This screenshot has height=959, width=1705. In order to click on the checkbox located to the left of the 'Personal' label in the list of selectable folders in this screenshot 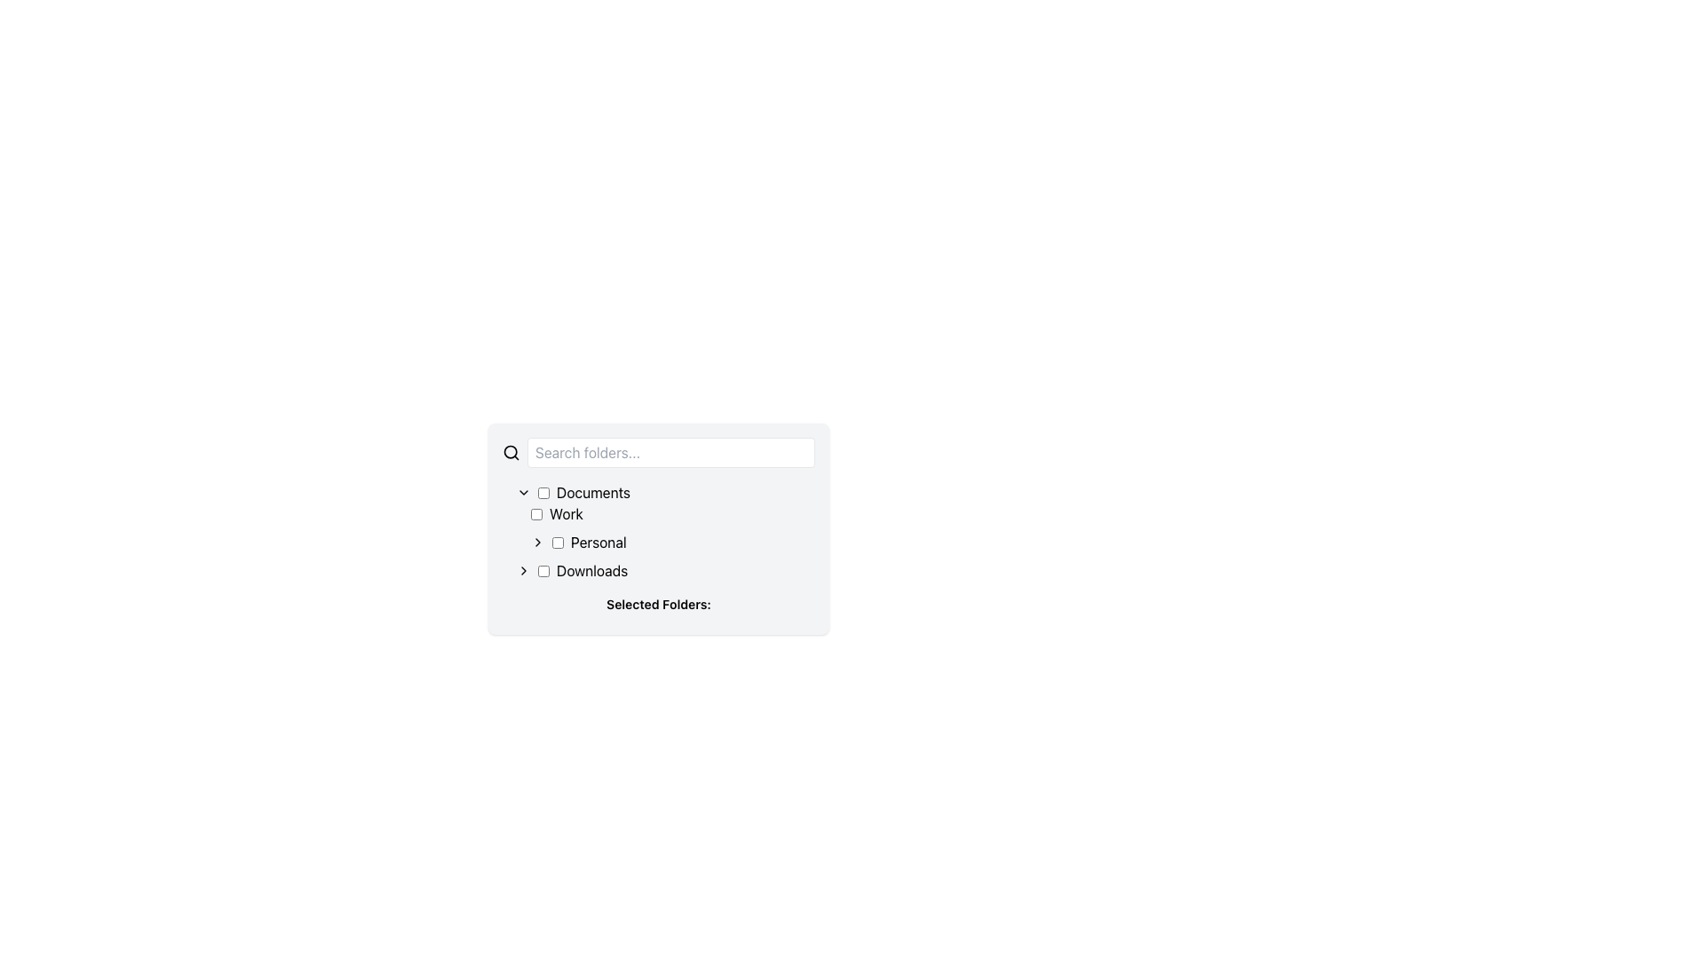, I will do `click(557, 541)`.